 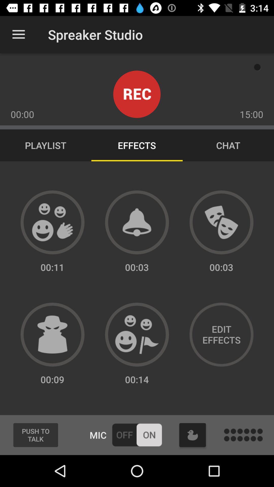 What do you see at coordinates (136, 94) in the screenshot?
I see `record` at bounding box center [136, 94].